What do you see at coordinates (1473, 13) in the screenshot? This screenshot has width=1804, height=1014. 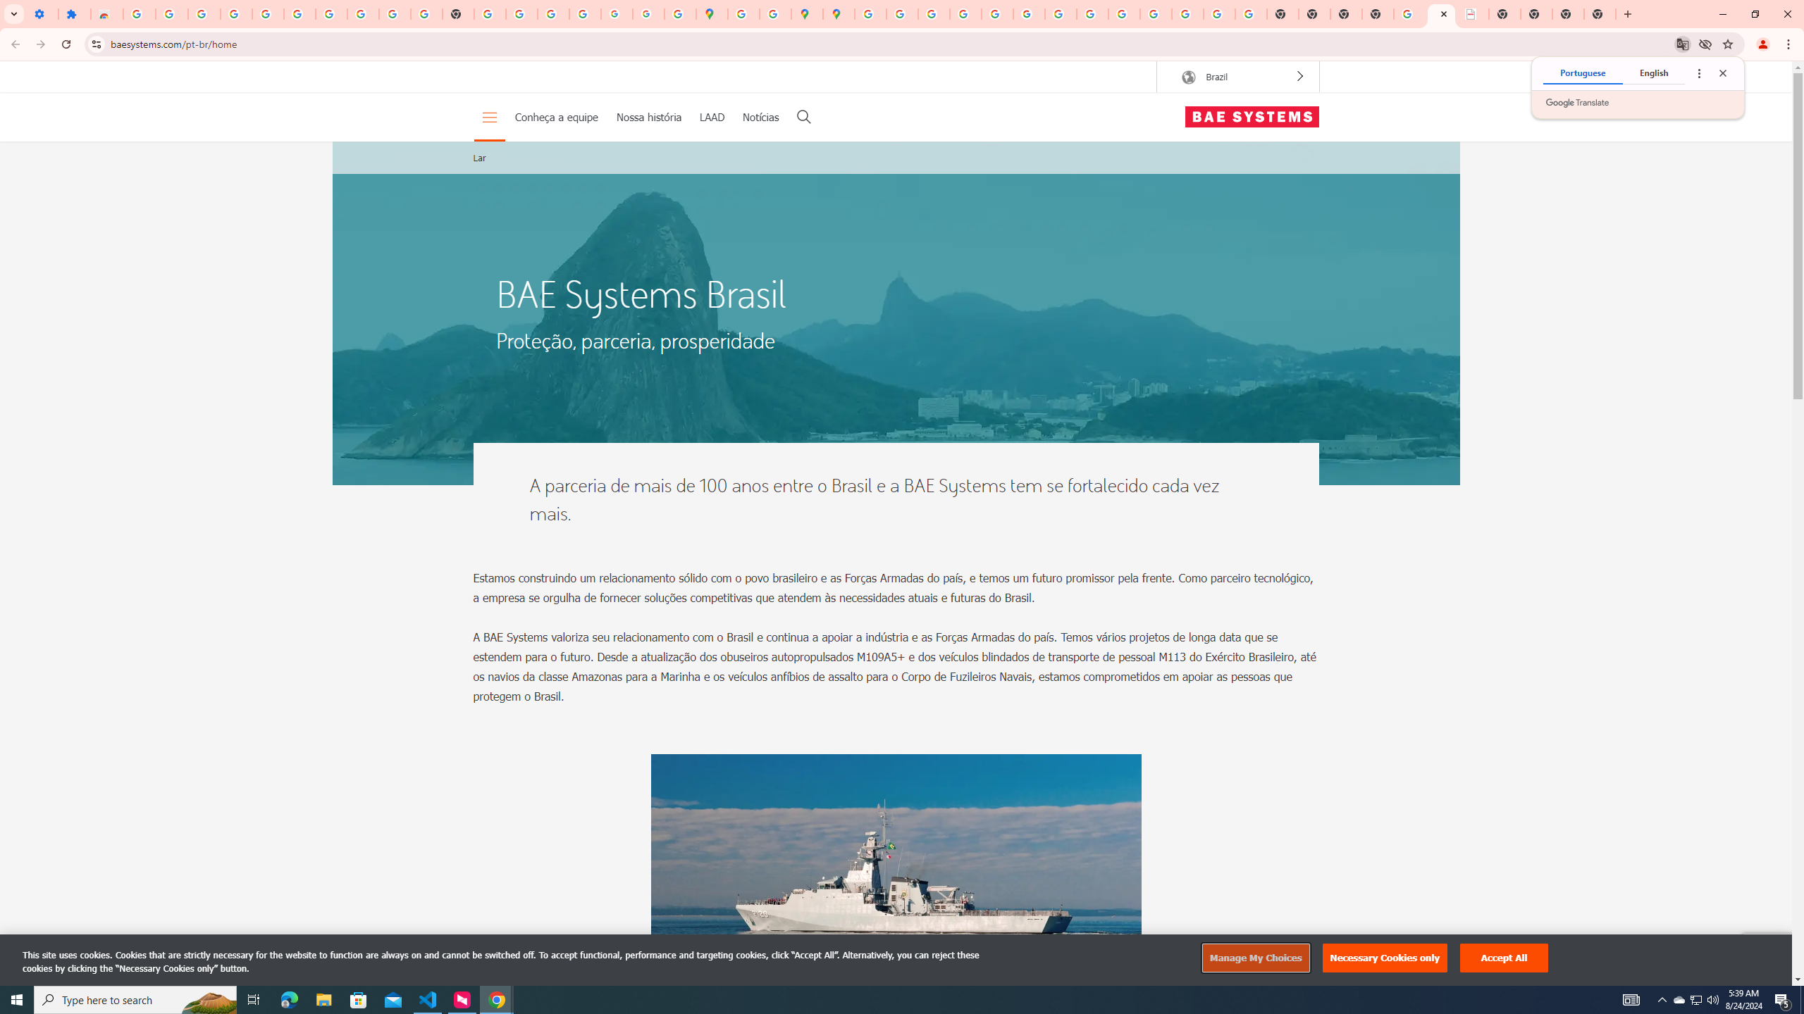 I see `'BAE Systems Brasil | BAE Systems'` at bounding box center [1473, 13].